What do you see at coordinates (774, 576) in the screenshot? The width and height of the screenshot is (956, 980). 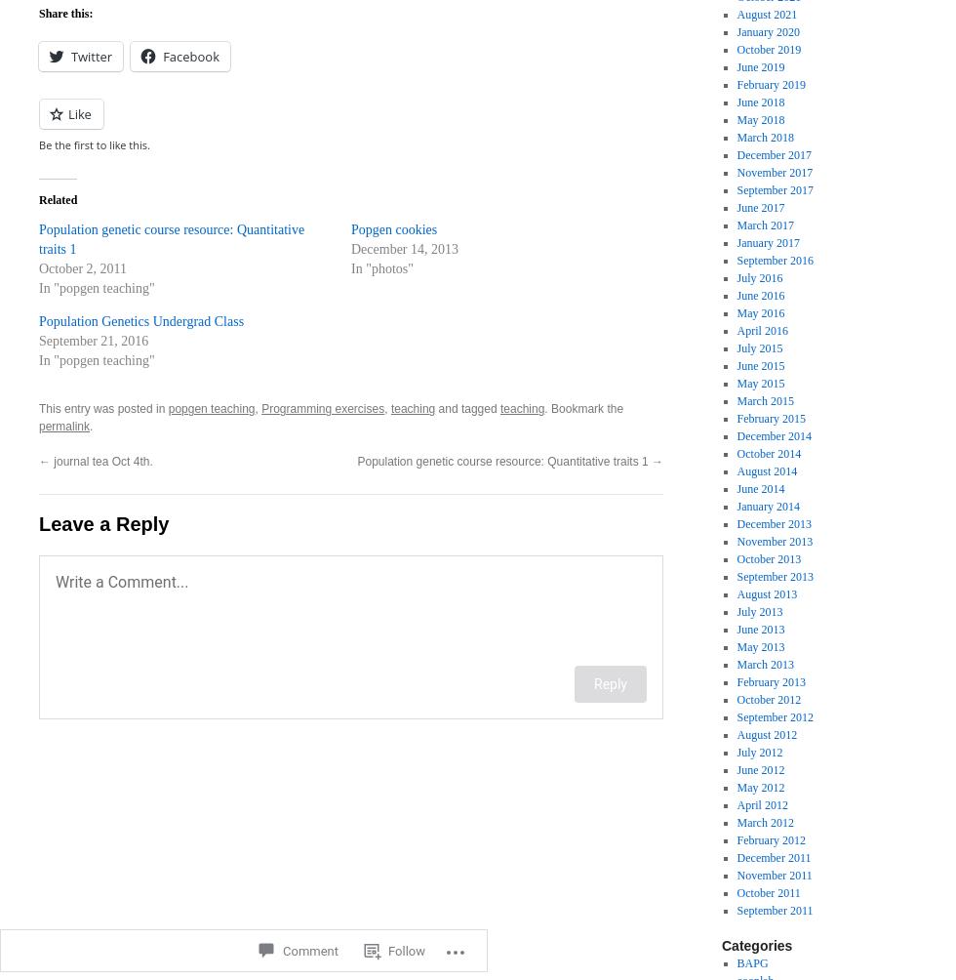 I see `'September 2013'` at bounding box center [774, 576].